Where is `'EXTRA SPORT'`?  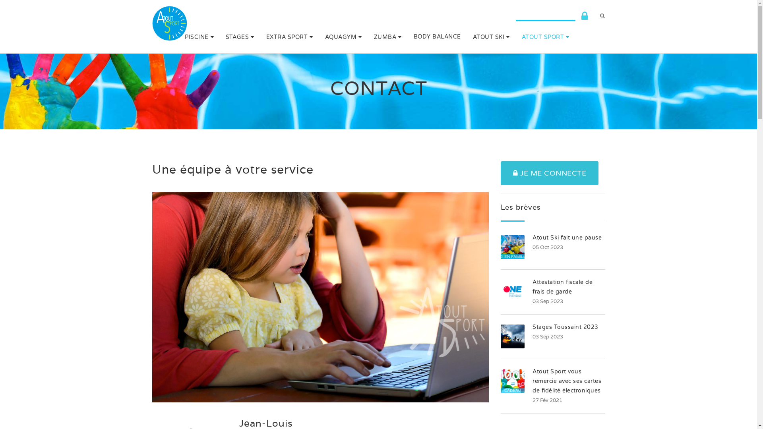 'EXTRA SPORT' is located at coordinates (289, 37).